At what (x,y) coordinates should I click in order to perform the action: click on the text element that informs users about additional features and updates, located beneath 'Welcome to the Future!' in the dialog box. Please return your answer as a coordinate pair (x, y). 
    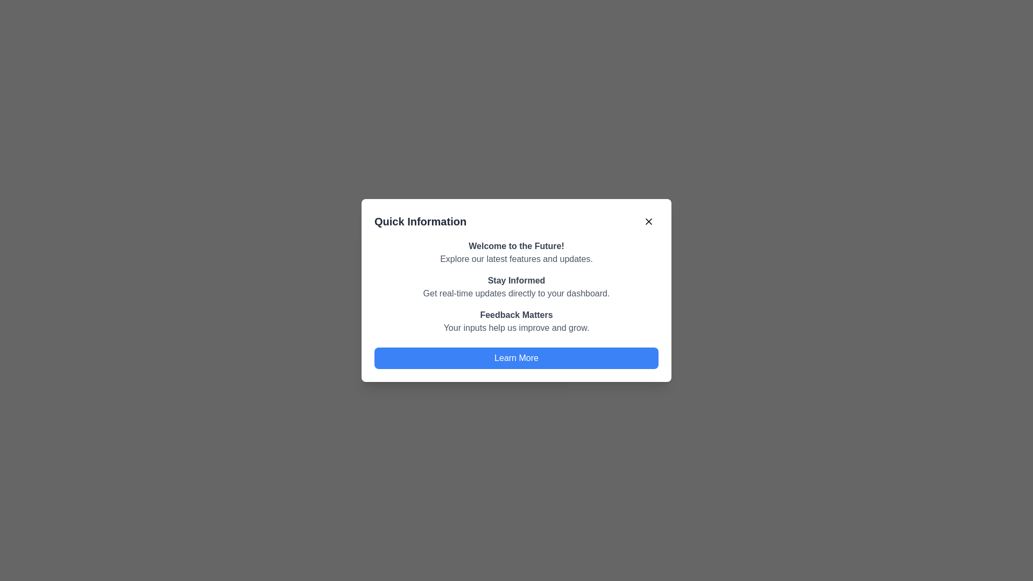
    Looking at the image, I should click on (516, 259).